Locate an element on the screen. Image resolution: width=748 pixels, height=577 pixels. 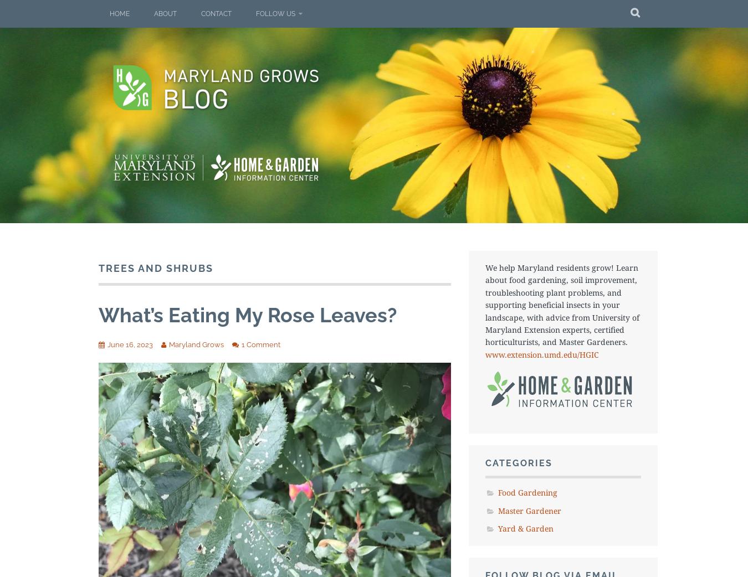
'Food Gardening' is located at coordinates (526, 492).